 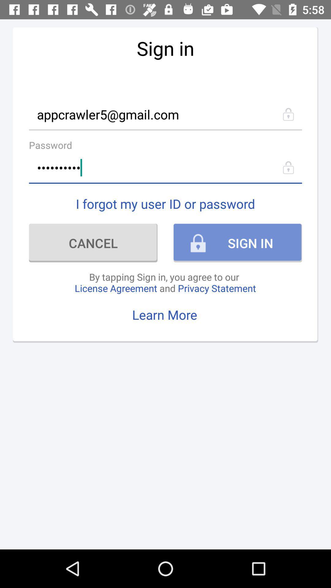 I want to click on item below the i forgot my, so click(x=93, y=243).